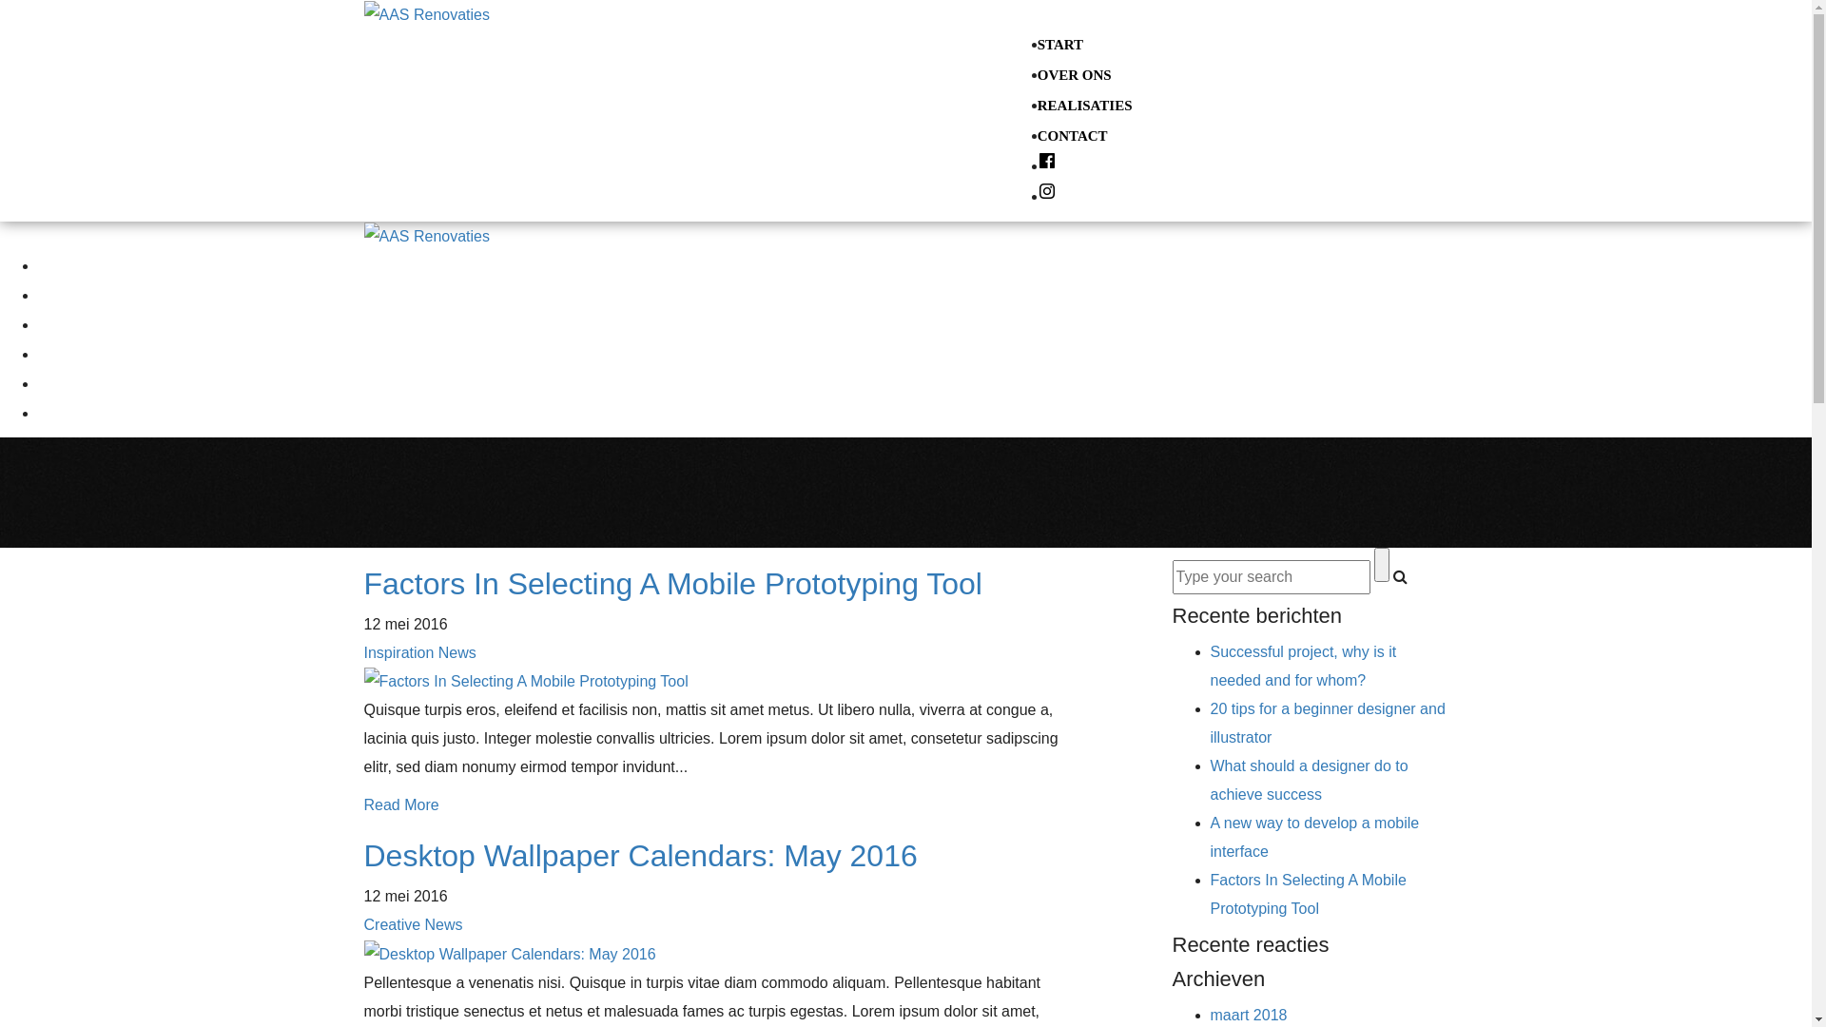 The image size is (1826, 1027). What do you see at coordinates (397, 651) in the screenshot?
I see `'Inspiration'` at bounding box center [397, 651].